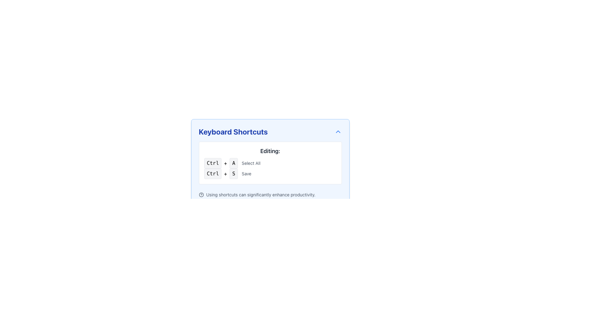 The height and width of the screenshot is (334, 594). Describe the element at coordinates (270, 151) in the screenshot. I see `the 'Editing' text label, which serves as a heading for the keyboard shortcuts section in the white box titled 'Keyboard Shortcuts'` at that location.